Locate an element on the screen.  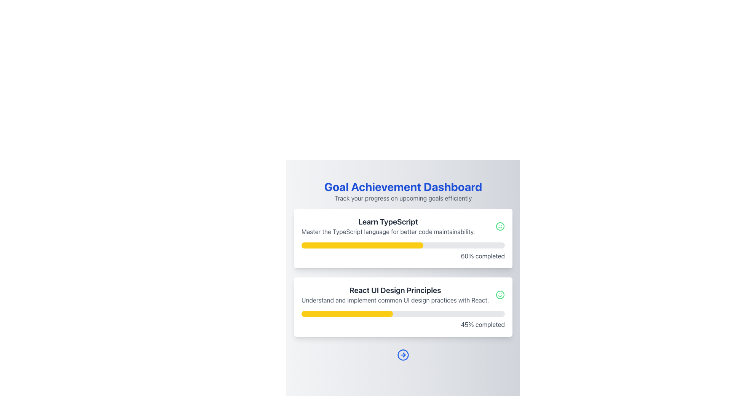
the blue rightward-facing arrow button enclosed within a circular outline is located at coordinates (403, 355).